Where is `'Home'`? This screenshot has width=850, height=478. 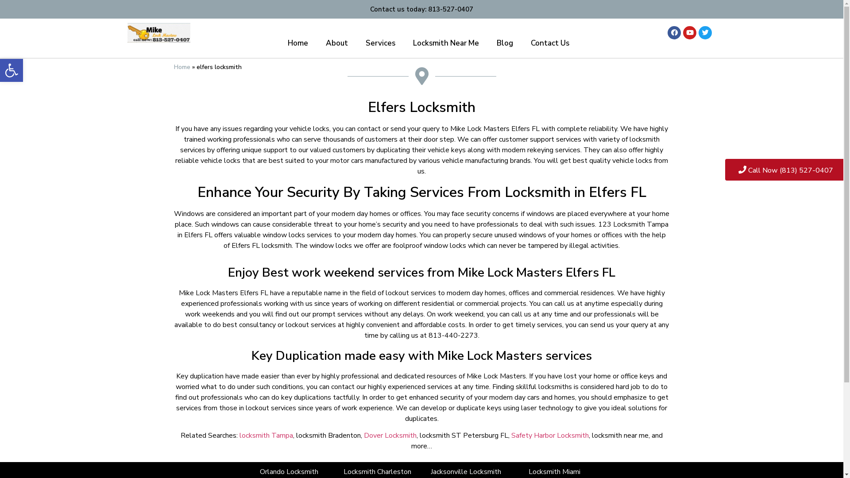 'Home' is located at coordinates (297, 43).